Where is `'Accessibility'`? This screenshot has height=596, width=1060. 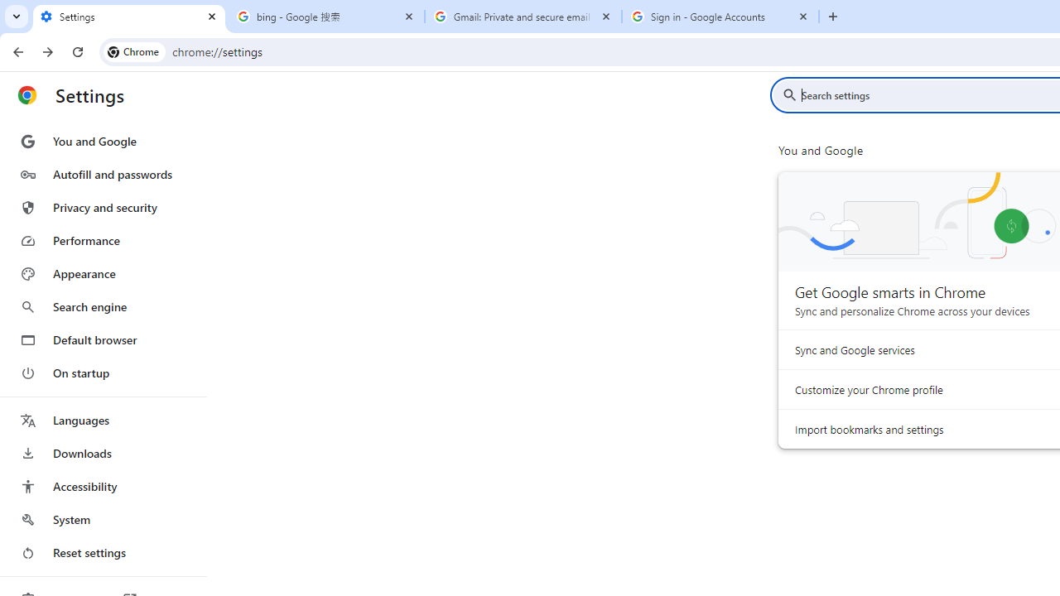 'Accessibility' is located at coordinates (102, 485).